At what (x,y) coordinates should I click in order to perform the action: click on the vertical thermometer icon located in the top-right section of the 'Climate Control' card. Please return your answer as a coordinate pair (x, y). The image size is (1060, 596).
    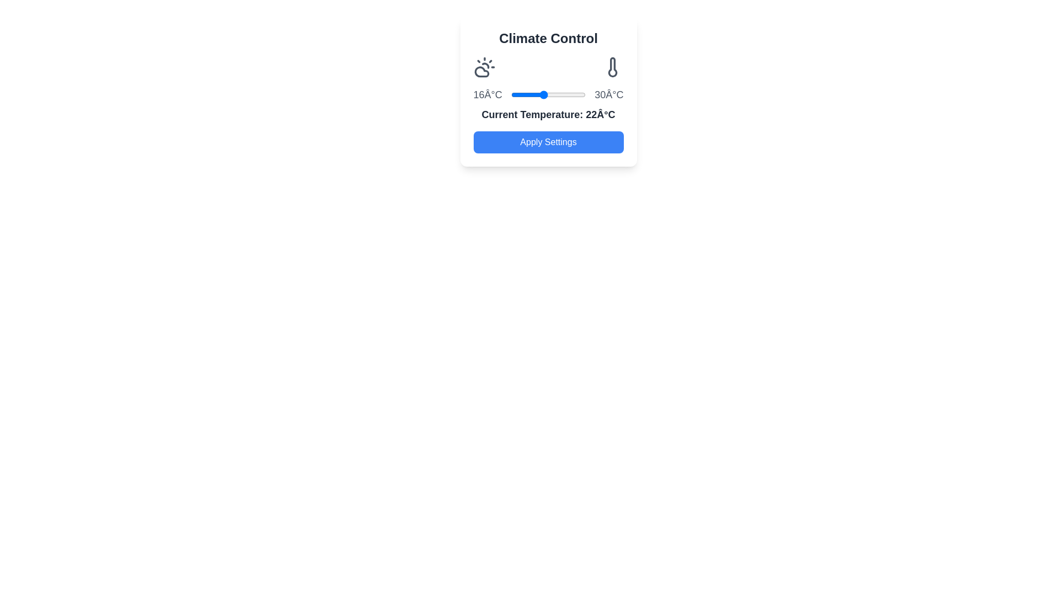
    Looking at the image, I should click on (612, 67).